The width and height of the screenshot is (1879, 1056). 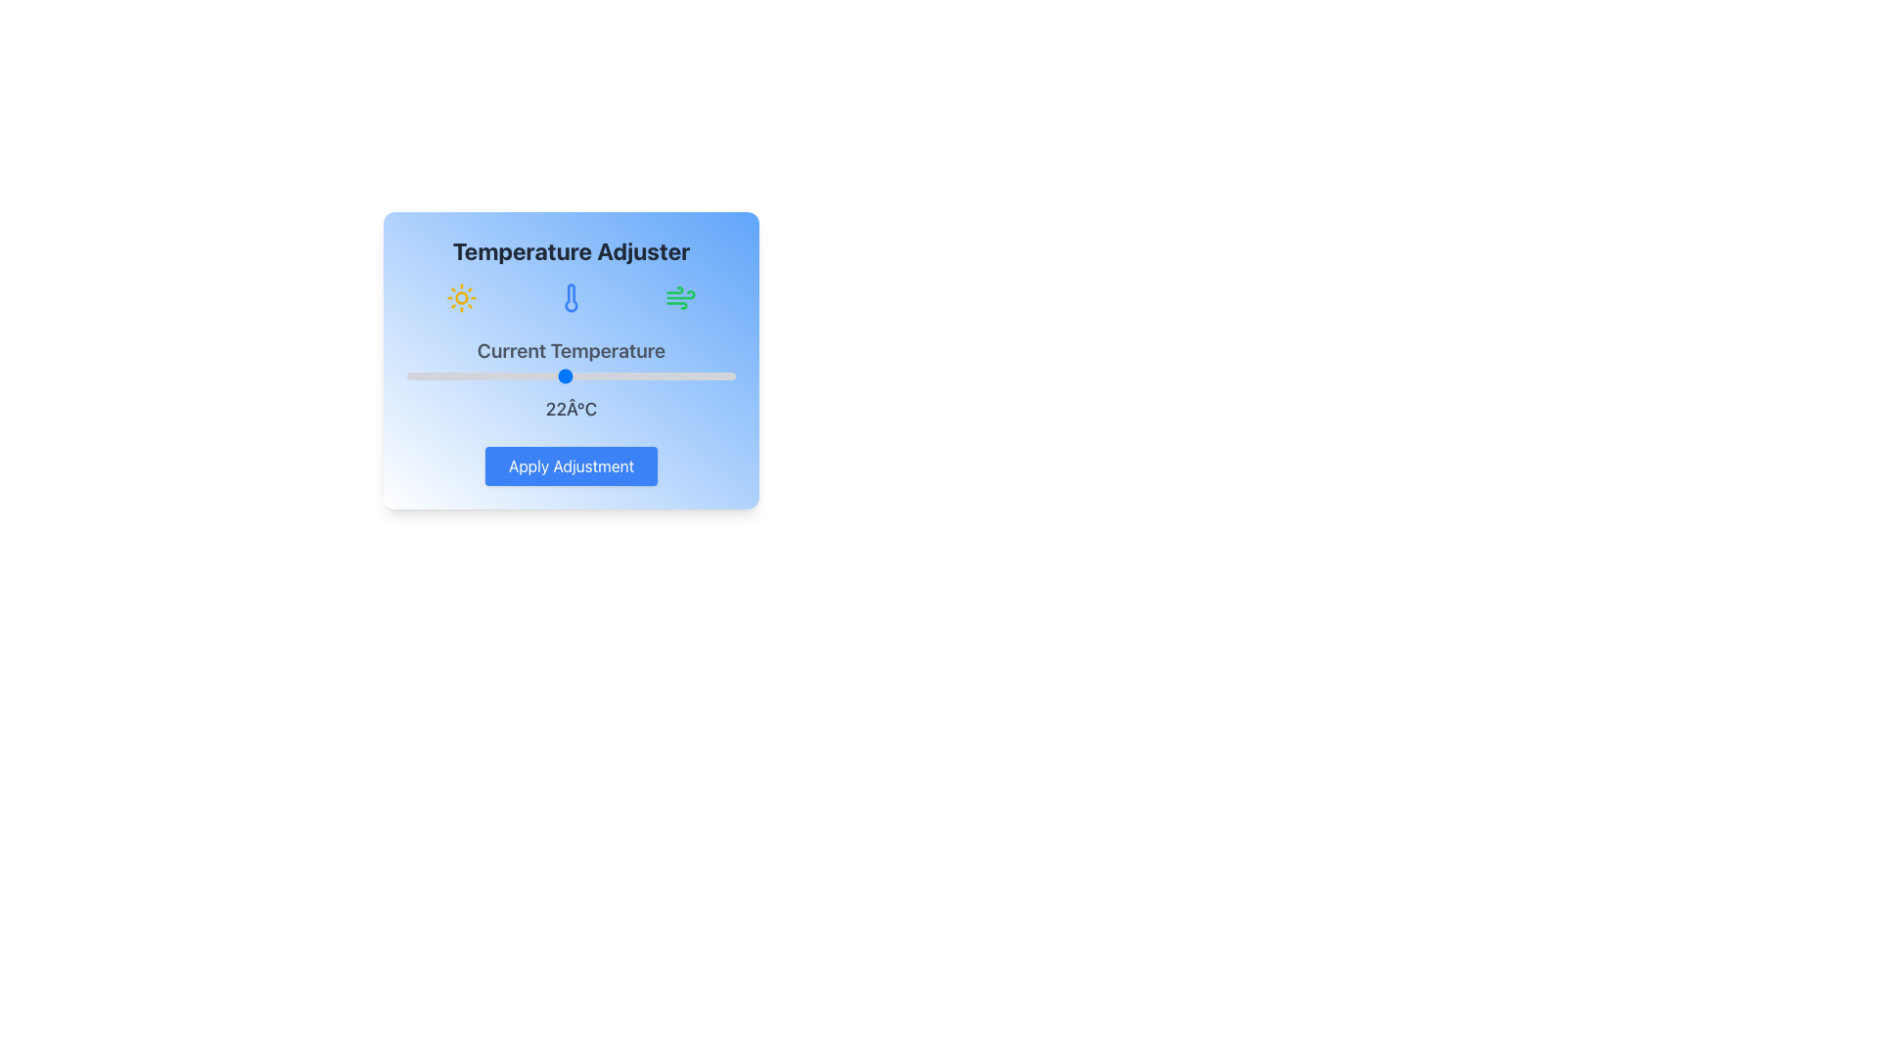 What do you see at coordinates (460, 297) in the screenshot?
I see `the sun icon in the 'Temperature Adjuster' interface` at bounding box center [460, 297].